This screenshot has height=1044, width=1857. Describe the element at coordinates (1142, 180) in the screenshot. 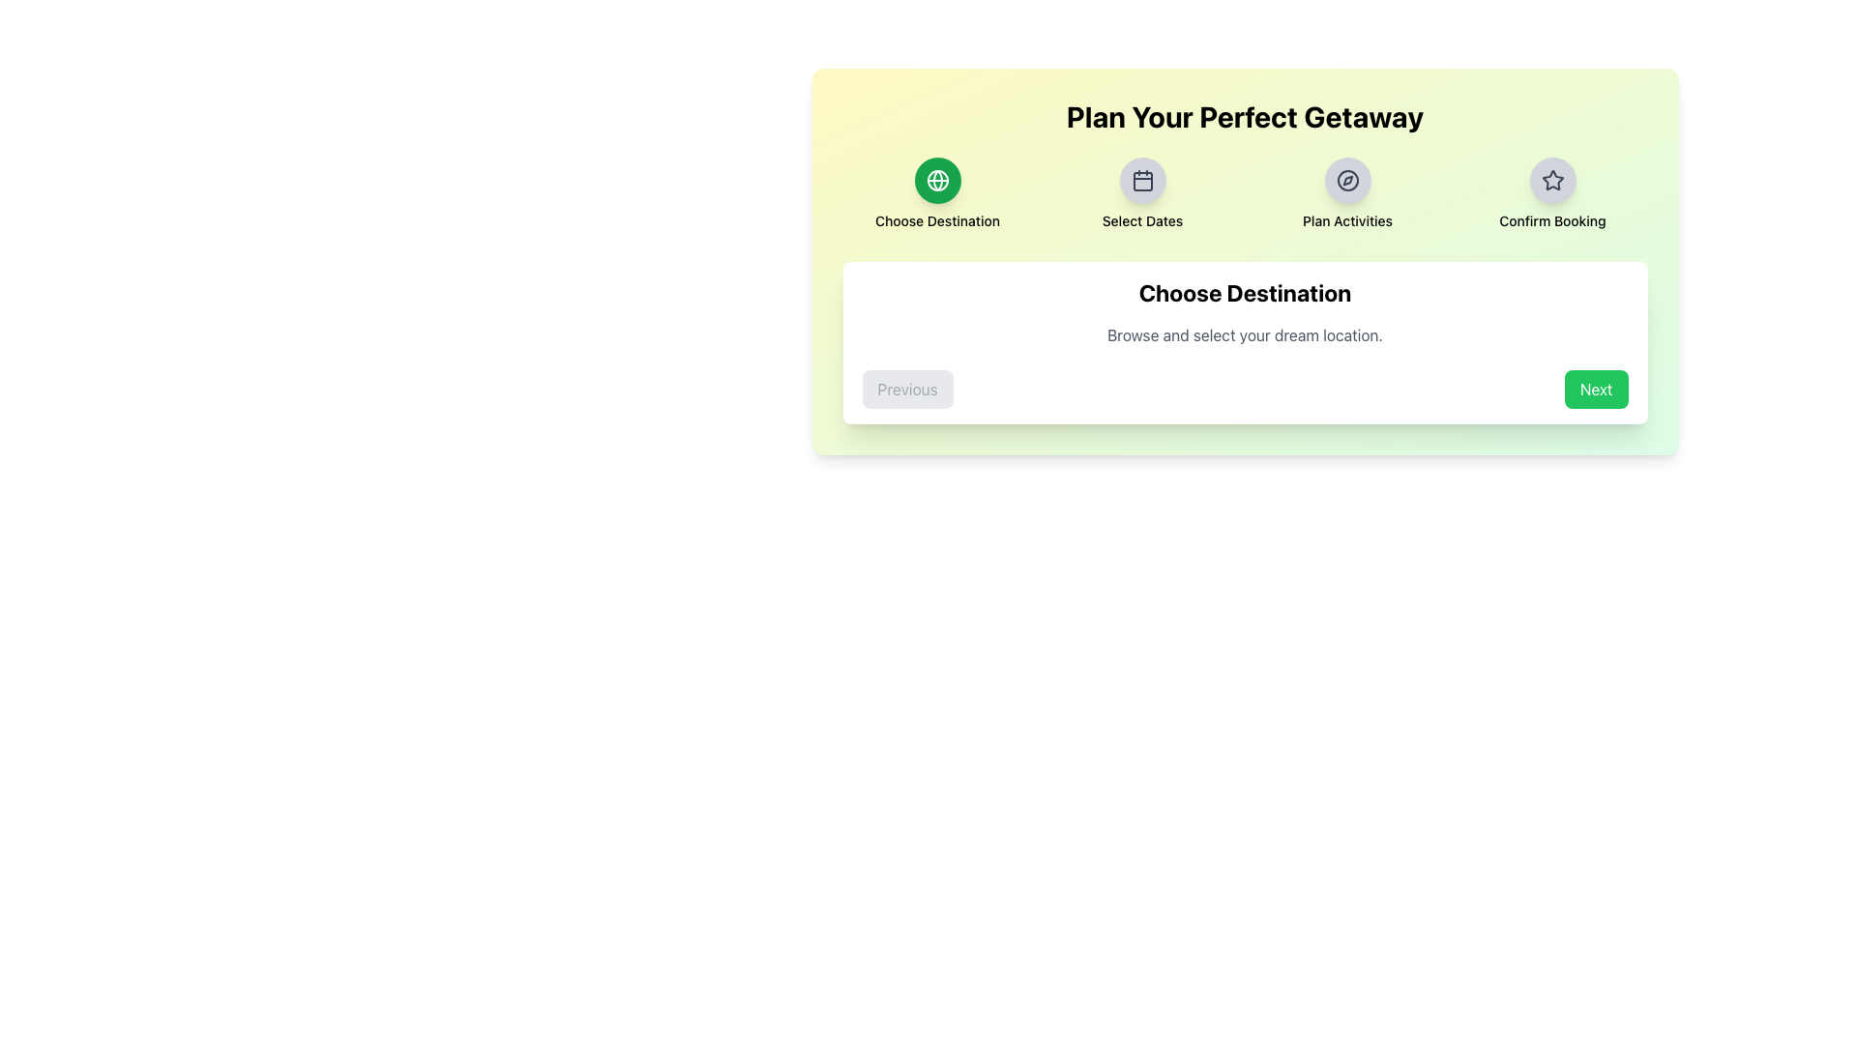

I see `the calendar icon, which is the second circular button under the title 'Plan Your Perfect Getaway'` at that location.